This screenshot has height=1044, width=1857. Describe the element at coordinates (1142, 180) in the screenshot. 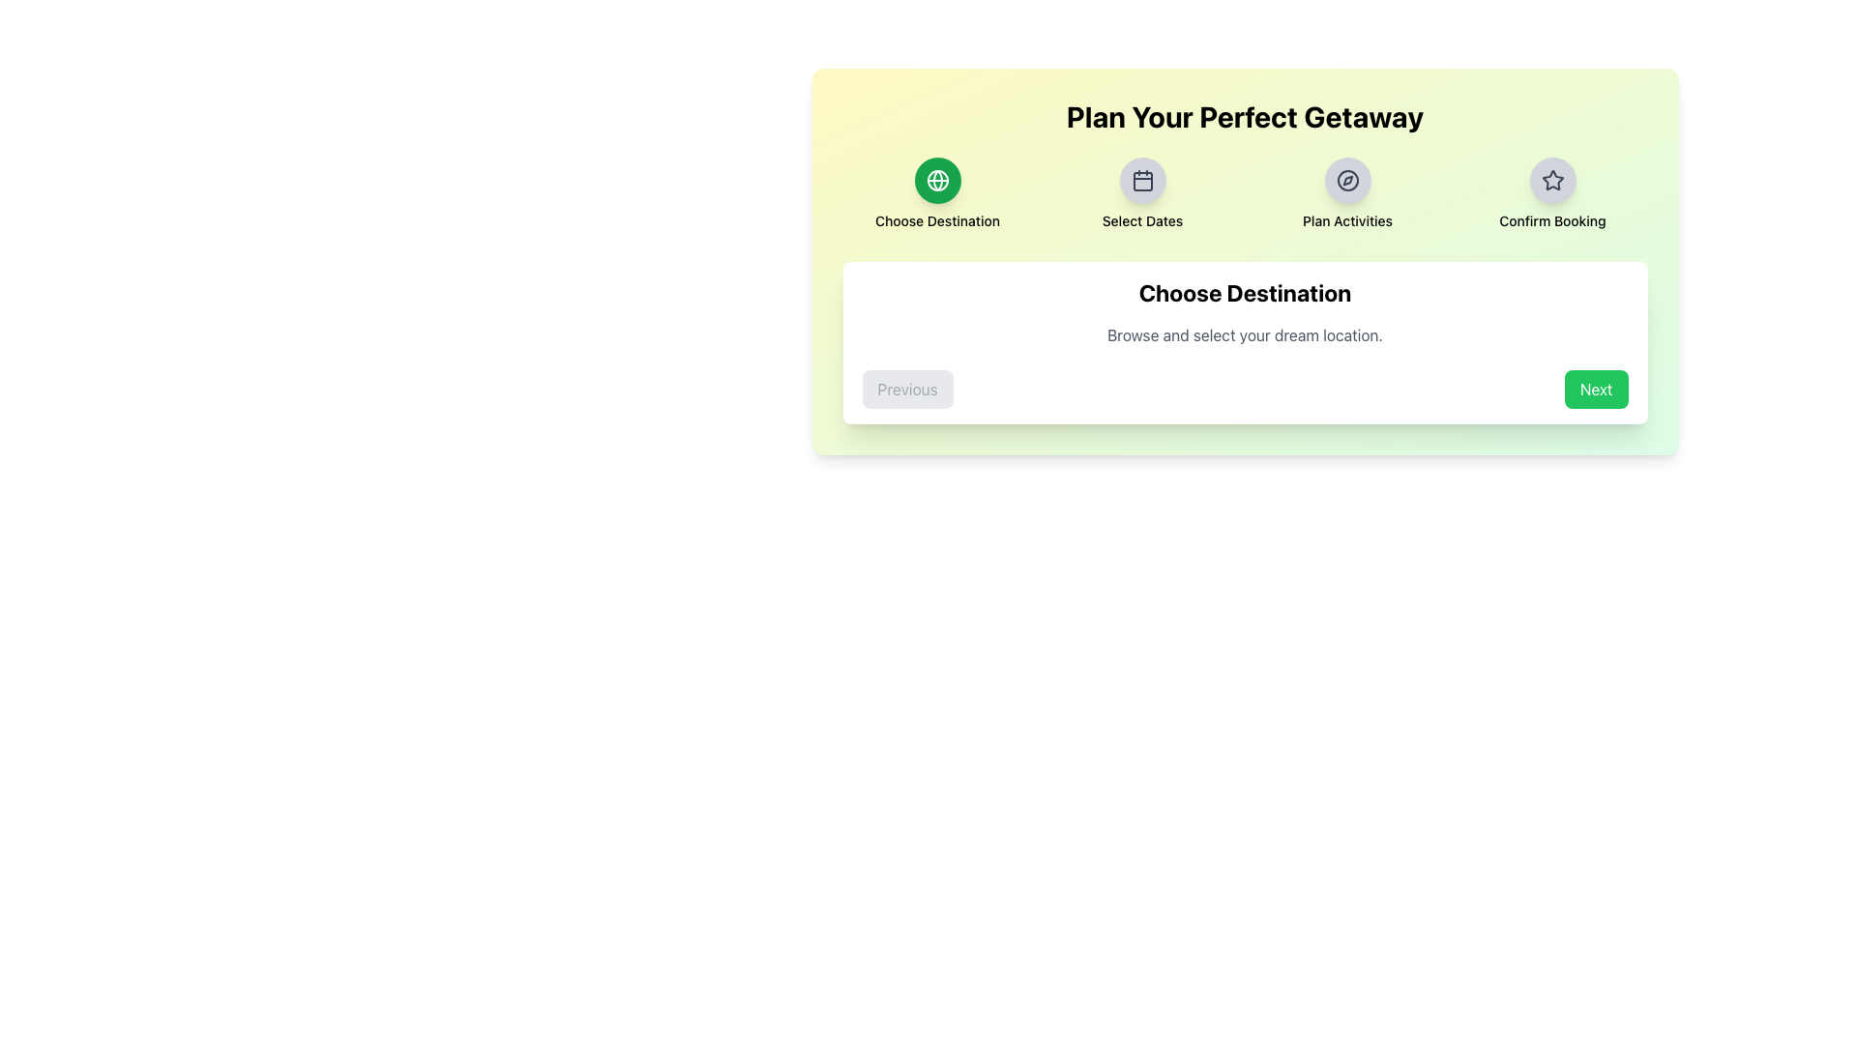

I see `the calendar icon, which is the second circular button under the title 'Plan Your Perfect Getaway'` at that location.